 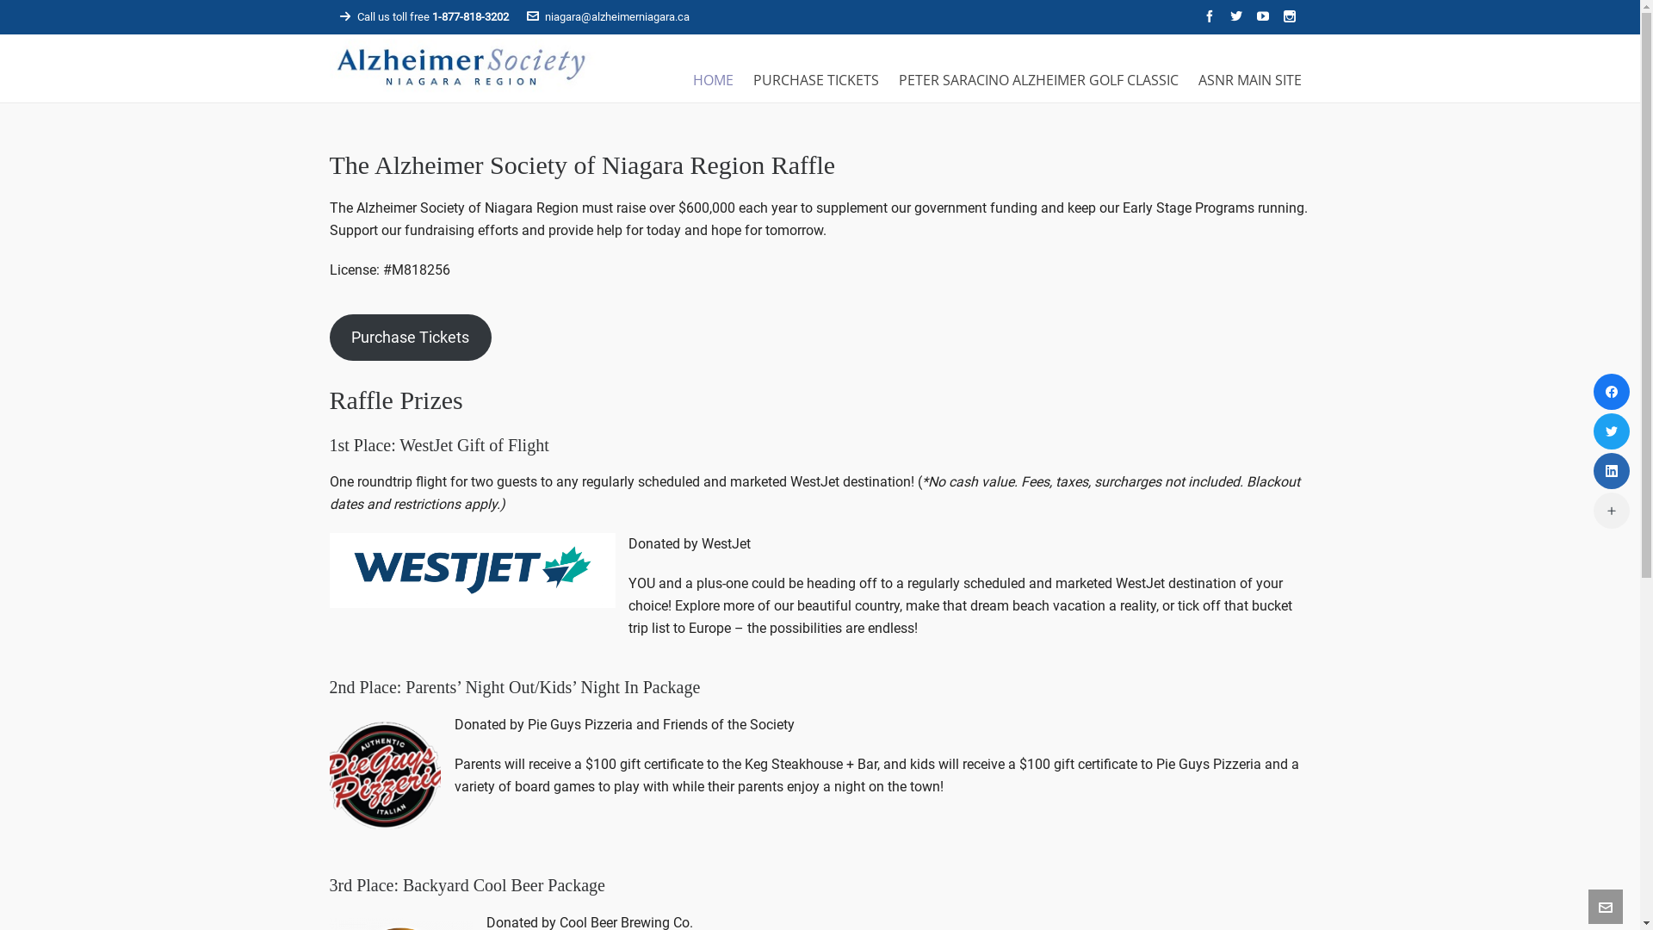 What do you see at coordinates (1248, 76) in the screenshot?
I see `'ASNR MAIN SITE'` at bounding box center [1248, 76].